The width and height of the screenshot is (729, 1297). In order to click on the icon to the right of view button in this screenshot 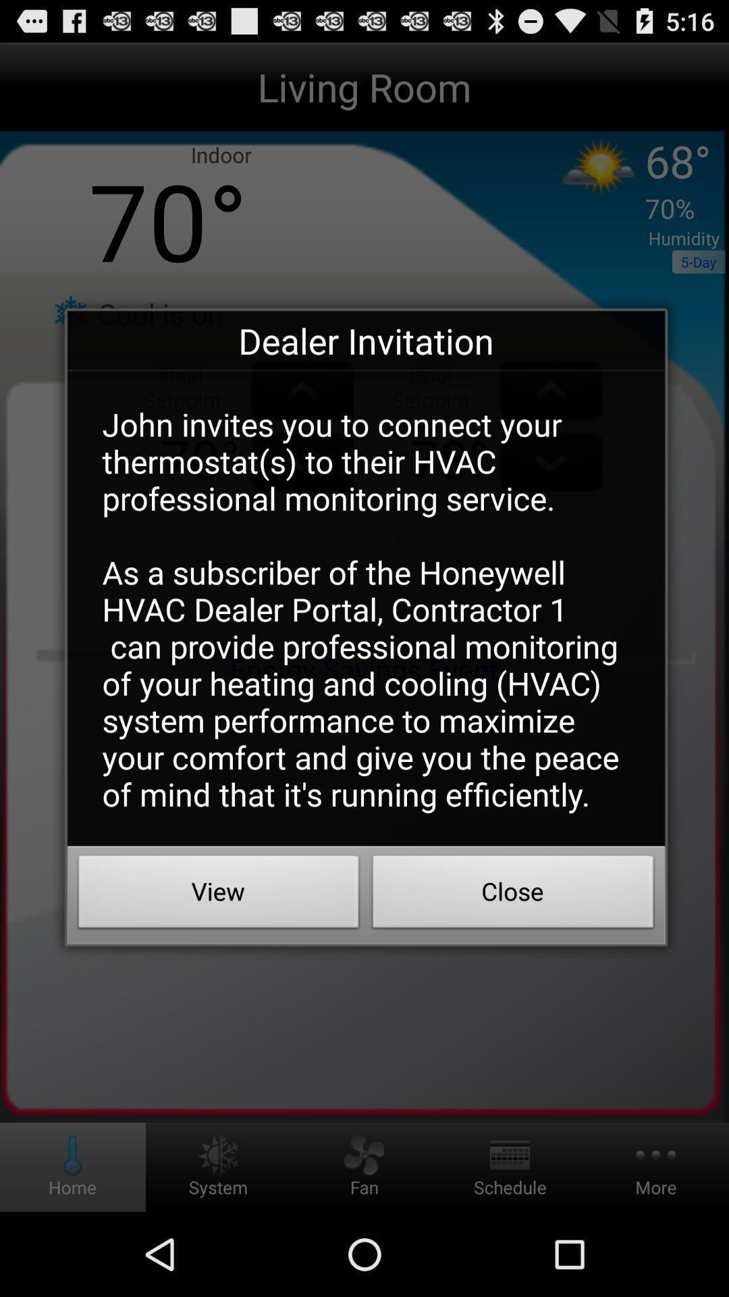, I will do `click(513, 895)`.